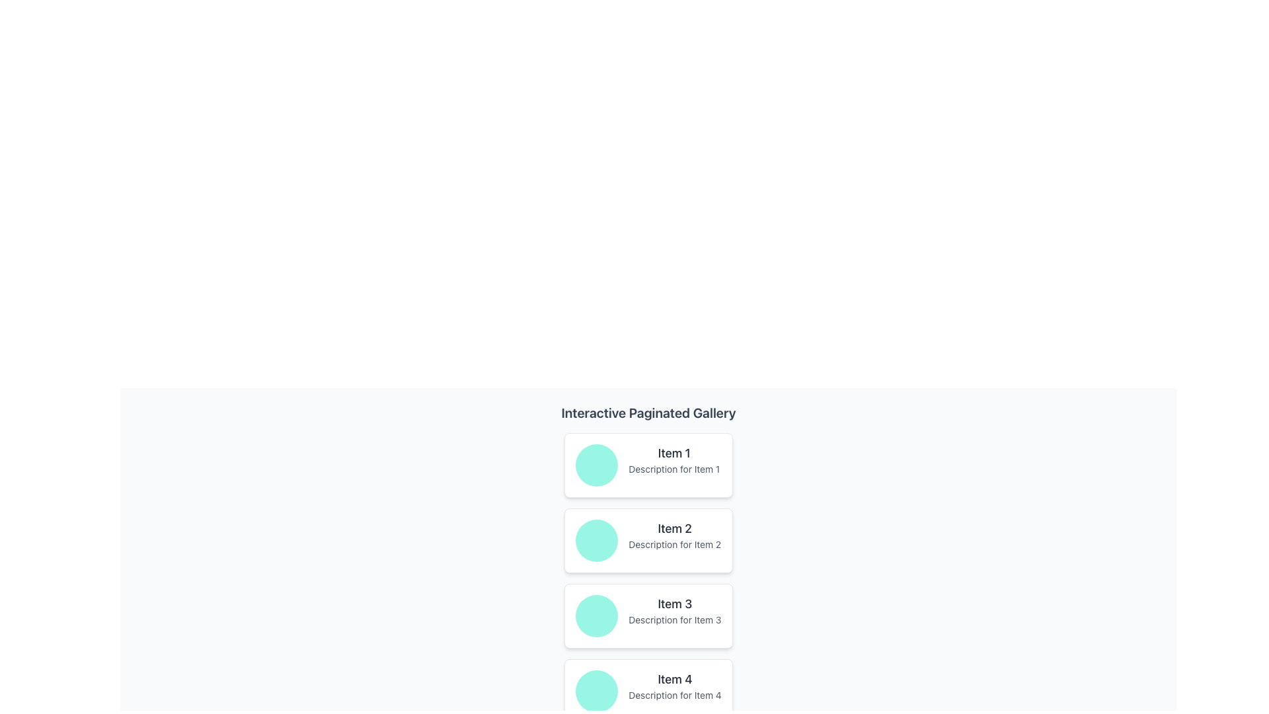 The width and height of the screenshot is (1269, 714). Describe the element at coordinates (674, 459) in the screenshot. I see `text element containing 'Item 1' and 'Description for Item 1', positioned centrally within the uppermost card in the list, to the right of a circular icon with a teal background` at that location.